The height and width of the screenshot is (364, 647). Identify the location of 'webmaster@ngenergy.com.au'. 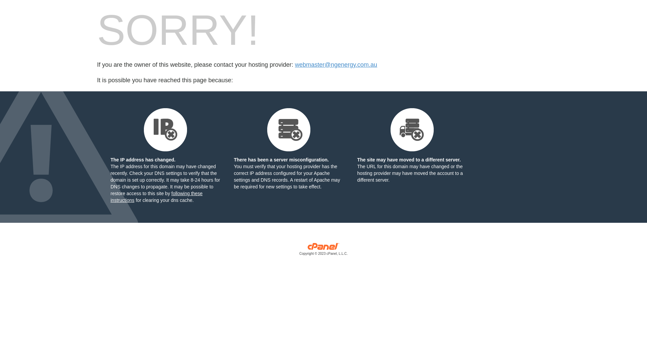
(295, 65).